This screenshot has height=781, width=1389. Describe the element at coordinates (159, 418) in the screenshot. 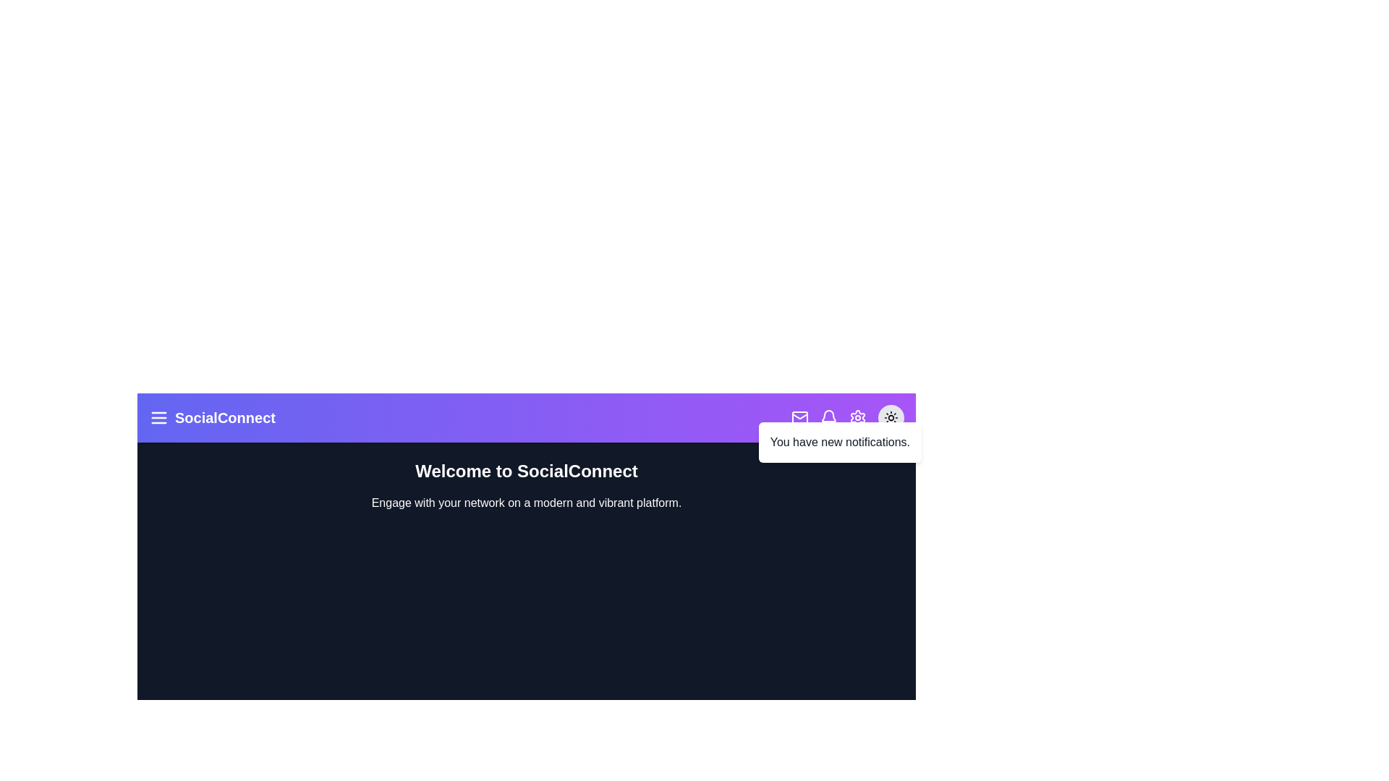

I see `the menu button to open more options` at that location.